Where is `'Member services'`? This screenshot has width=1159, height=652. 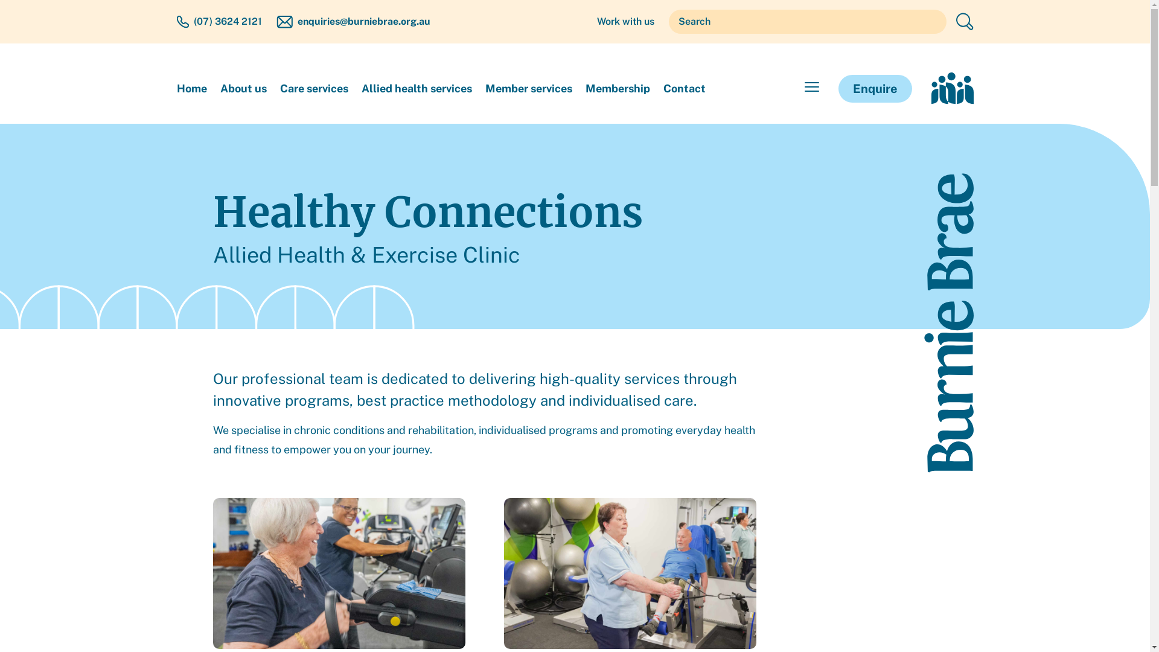 'Member services' is located at coordinates (485, 88).